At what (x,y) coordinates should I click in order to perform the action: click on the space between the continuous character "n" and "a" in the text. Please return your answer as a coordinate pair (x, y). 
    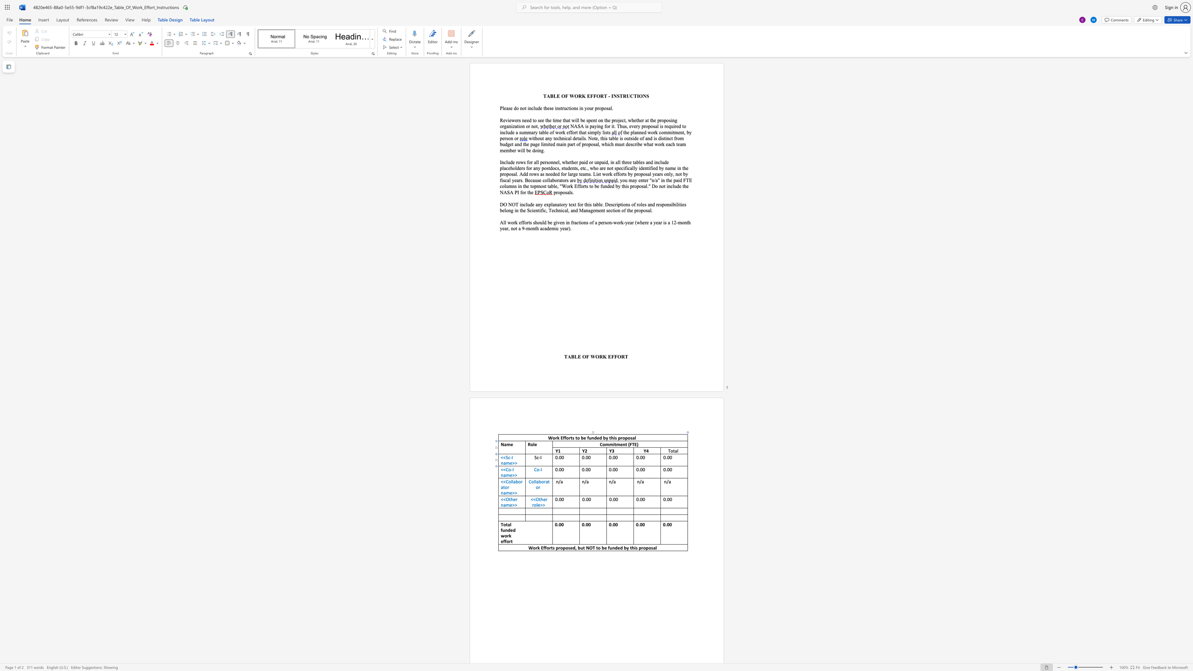
    Looking at the image, I should click on (503, 504).